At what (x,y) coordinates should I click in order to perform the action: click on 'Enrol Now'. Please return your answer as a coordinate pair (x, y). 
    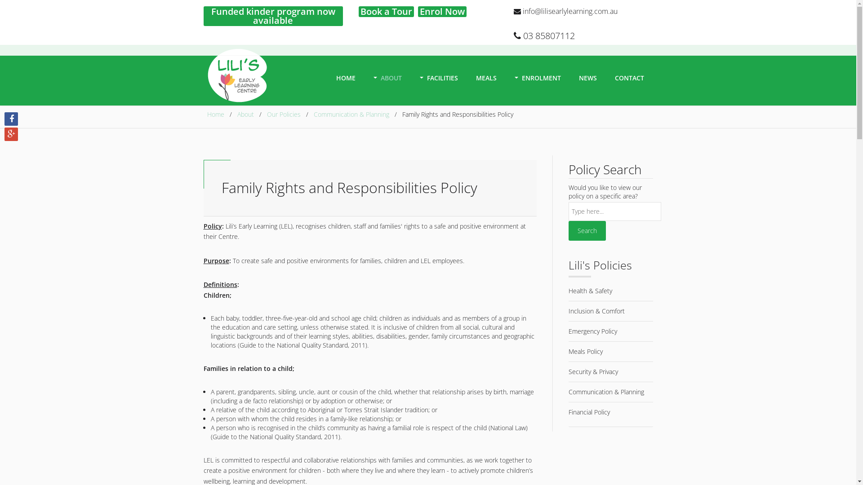
    Looking at the image, I should click on (442, 12).